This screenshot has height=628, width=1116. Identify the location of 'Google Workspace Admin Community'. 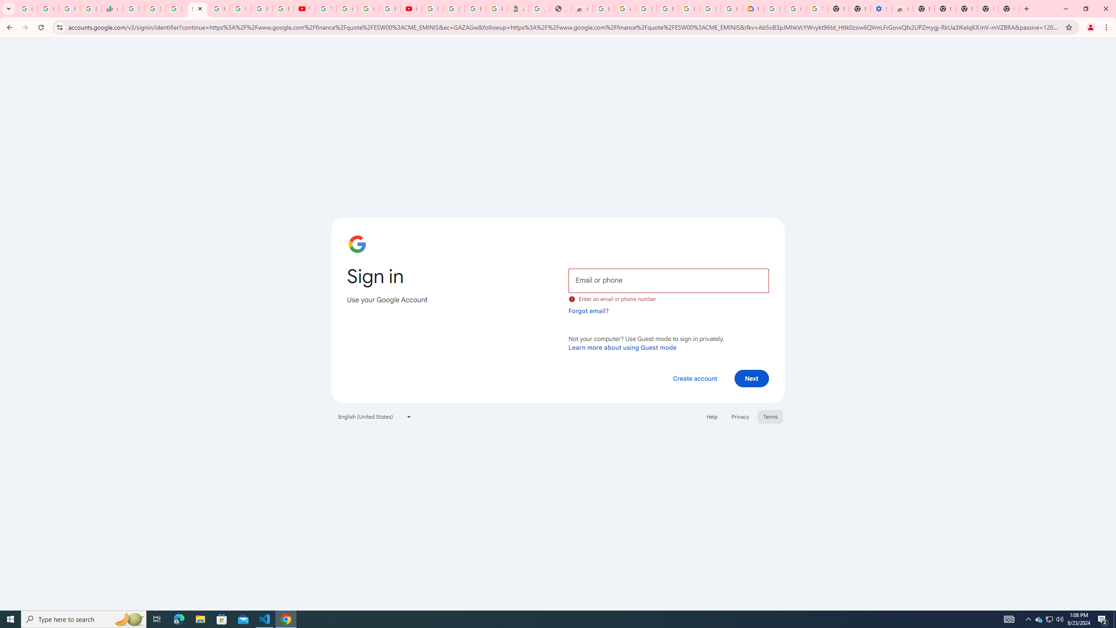
(27, 8).